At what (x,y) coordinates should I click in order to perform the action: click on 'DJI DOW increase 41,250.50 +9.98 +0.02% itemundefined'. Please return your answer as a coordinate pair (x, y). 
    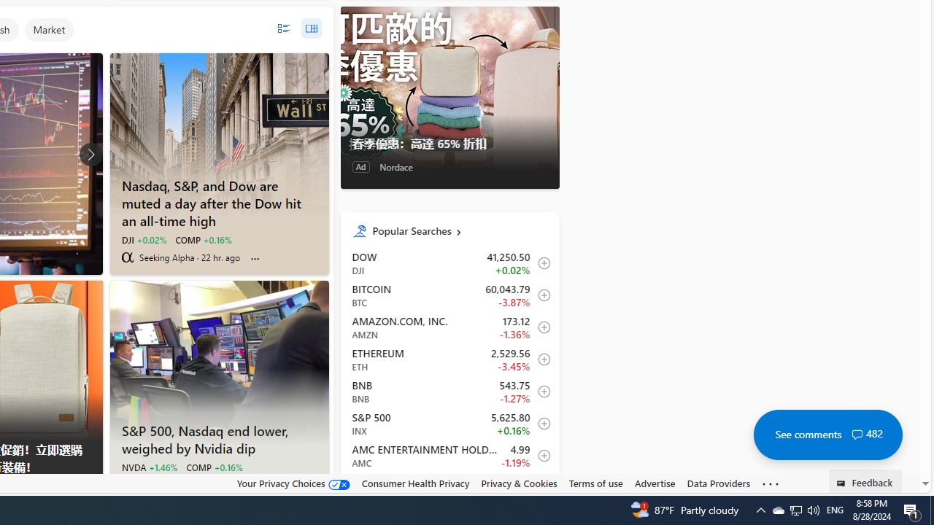
    Looking at the image, I should click on (449, 263).